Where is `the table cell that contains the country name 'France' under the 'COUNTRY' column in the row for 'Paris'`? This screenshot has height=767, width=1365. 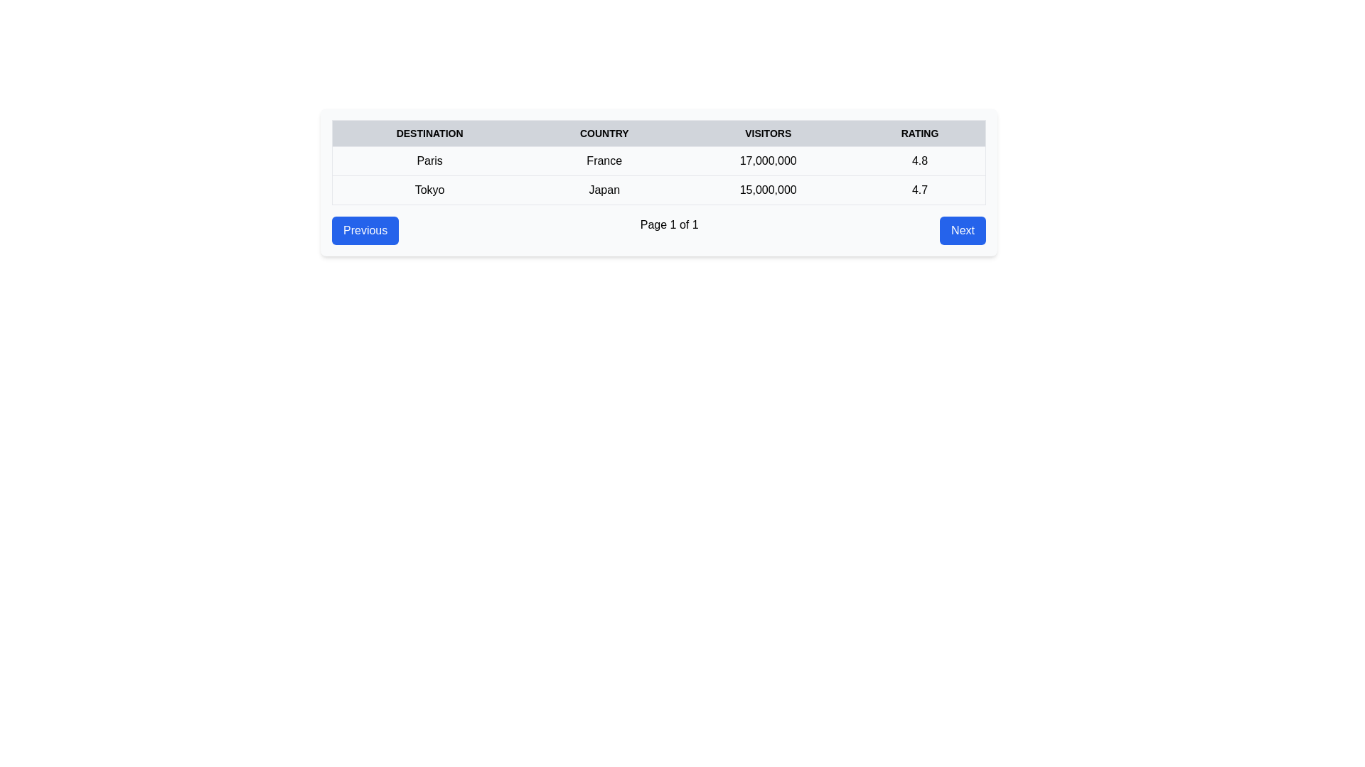
the table cell that contains the country name 'France' under the 'COUNTRY' column in the row for 'Paris' is located at coordinates (604, 161).